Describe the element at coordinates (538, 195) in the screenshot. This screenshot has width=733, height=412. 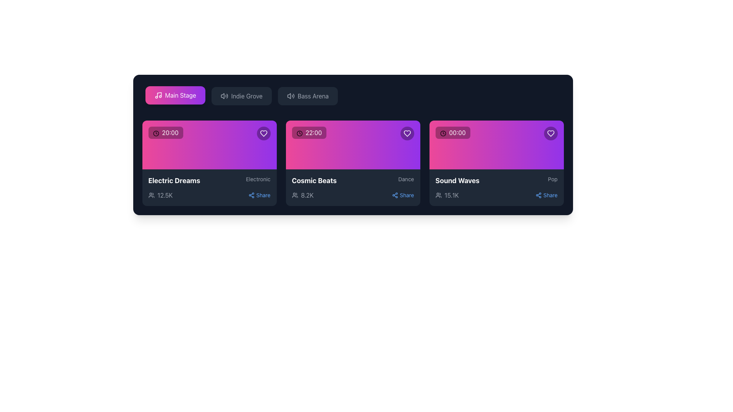
I see `the light blue share icon located between the text '15.1K' and 'Share' in the bottom section of the 'Sound Waves' card` at that location.